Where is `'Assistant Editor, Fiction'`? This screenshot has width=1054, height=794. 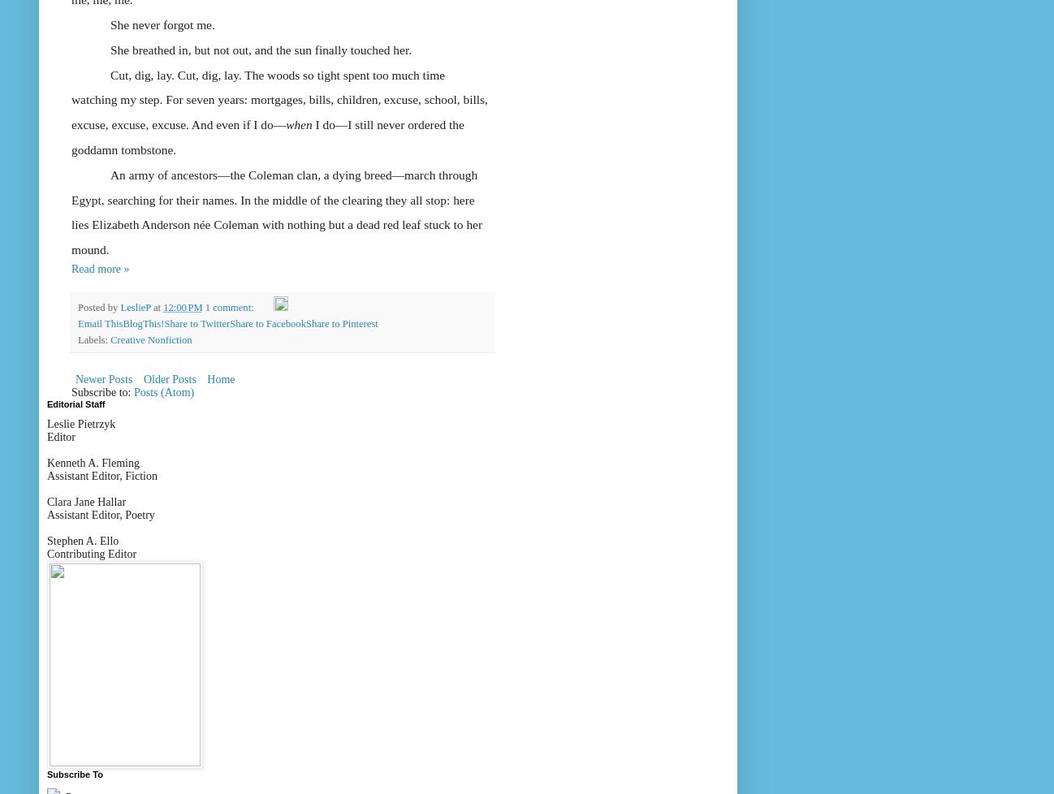 'Assistant Editor, Fiction' is located at coordinates (102, 476).